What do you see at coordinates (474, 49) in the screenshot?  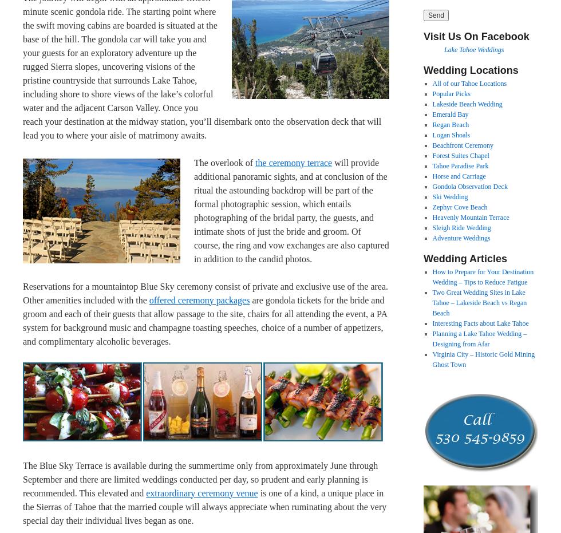 I see `'Lake Tahoe 
Weddings'` at bounding box center [474, 49].